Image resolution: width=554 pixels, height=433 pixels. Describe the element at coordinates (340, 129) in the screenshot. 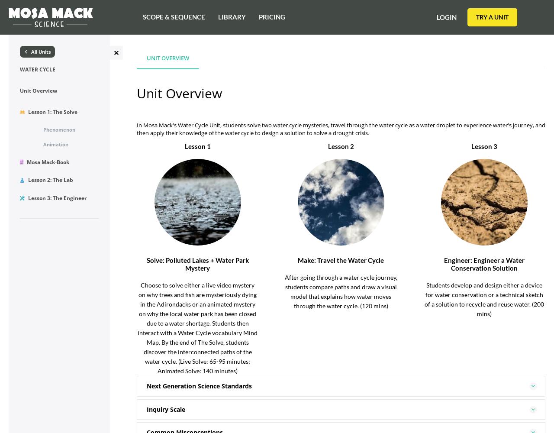

I see `'In Mosa Mack's Water Cycle Unit, students solve two water cycle mysteries, travel through the water cycle as a water droplet to experience water's journey, and then apply their knowledge of the water cycle to design a solution to solve a drought crisis.'` at that location.